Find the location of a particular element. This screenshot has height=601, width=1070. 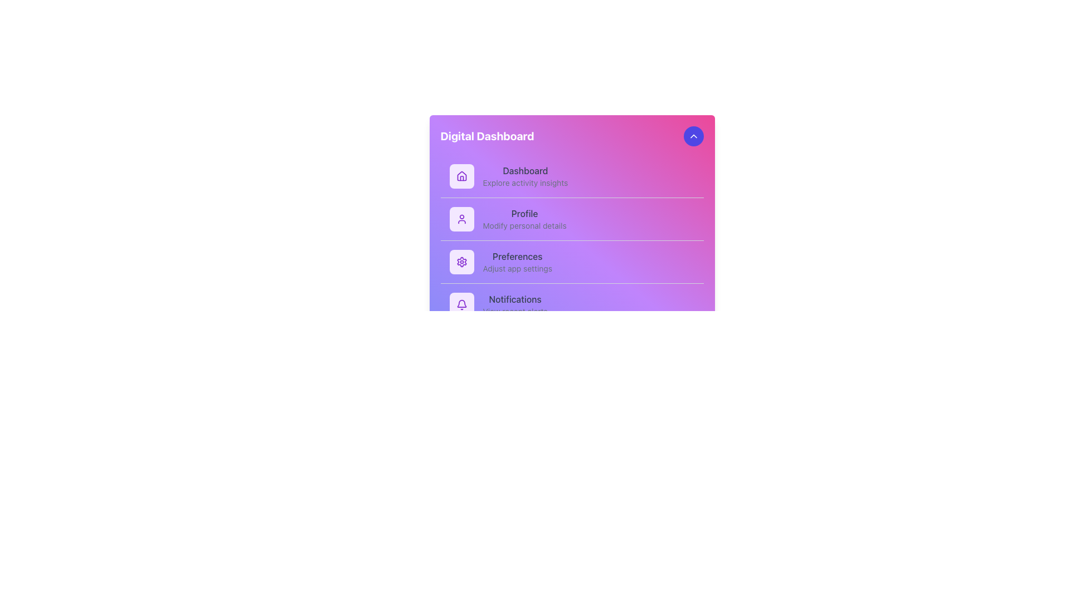

the 'Notifications' text label, which consists of a main title and a subtitle, located in a vertical list within the dashboard panel is located at coordinates (514, 304).